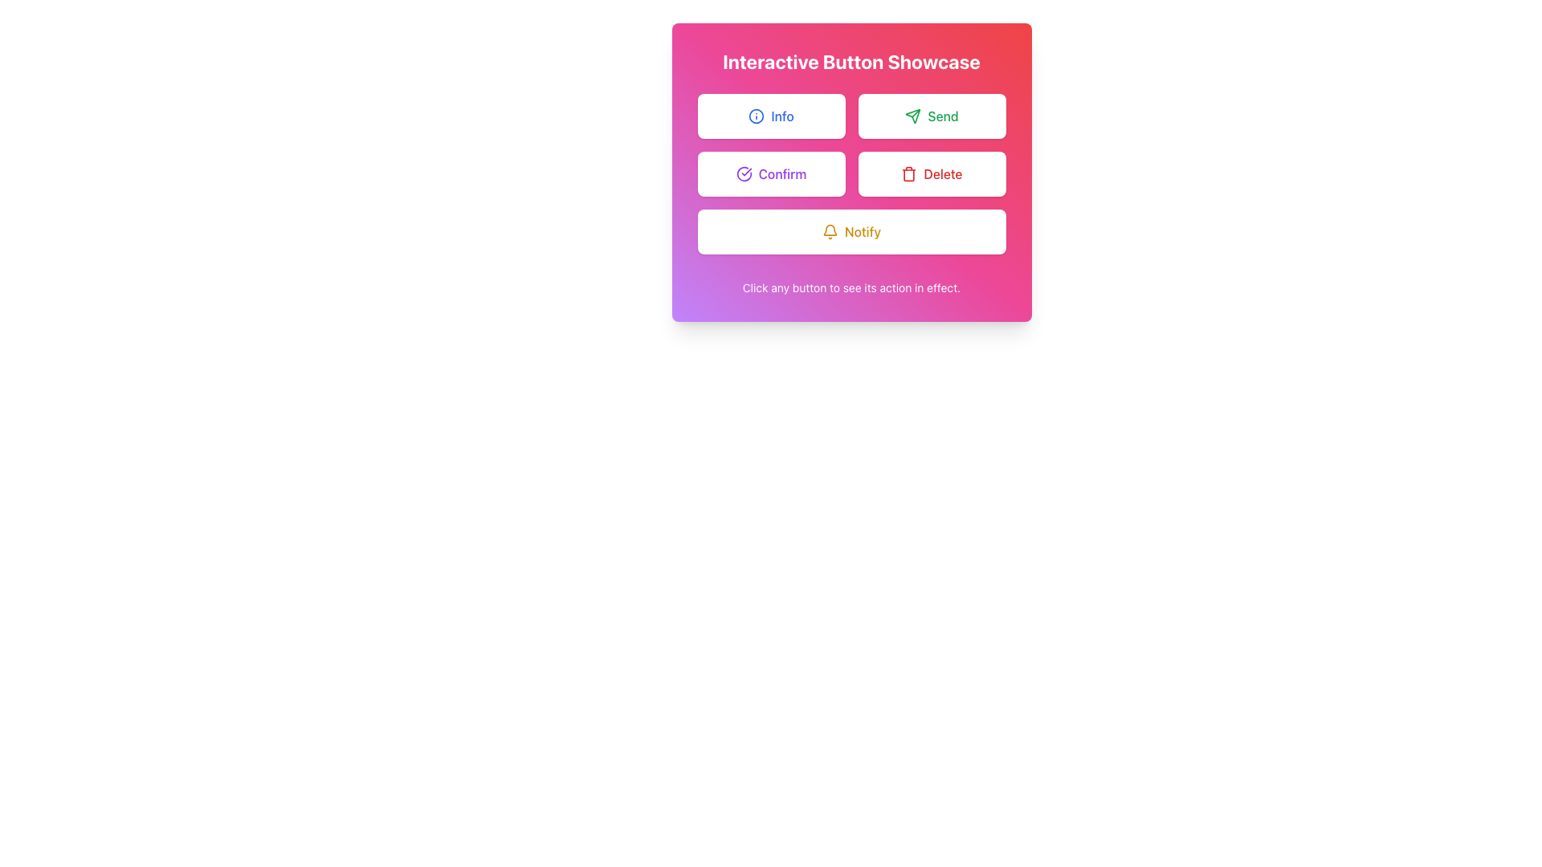 The width and height of the screenshot is (1542, 867). Describe the element at coordinates (913, 116) in the screenshot. I see `the send icon located in the top-right corner of the interactive button showcase panel to focus on the associated action of sending a message, email, or data` at that location.